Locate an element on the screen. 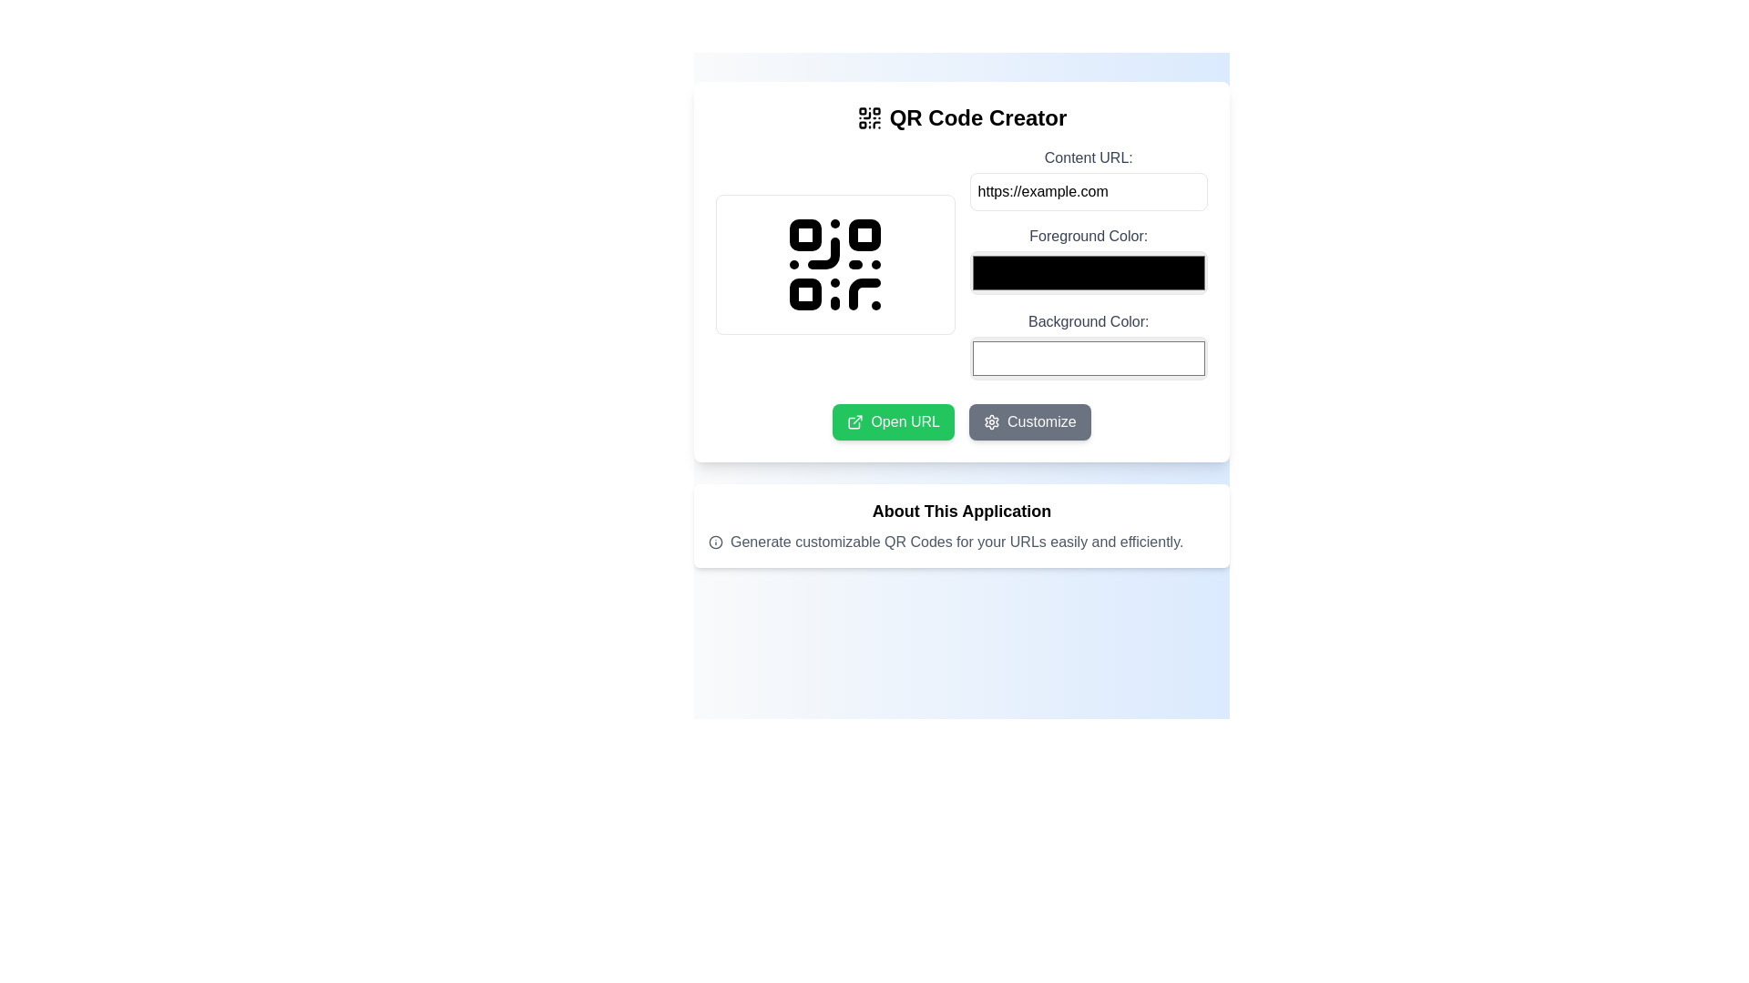  the rectangular color picker input box with a black background located beneath the 'Foreground Color:' label is located at coordinates (1089, 264).